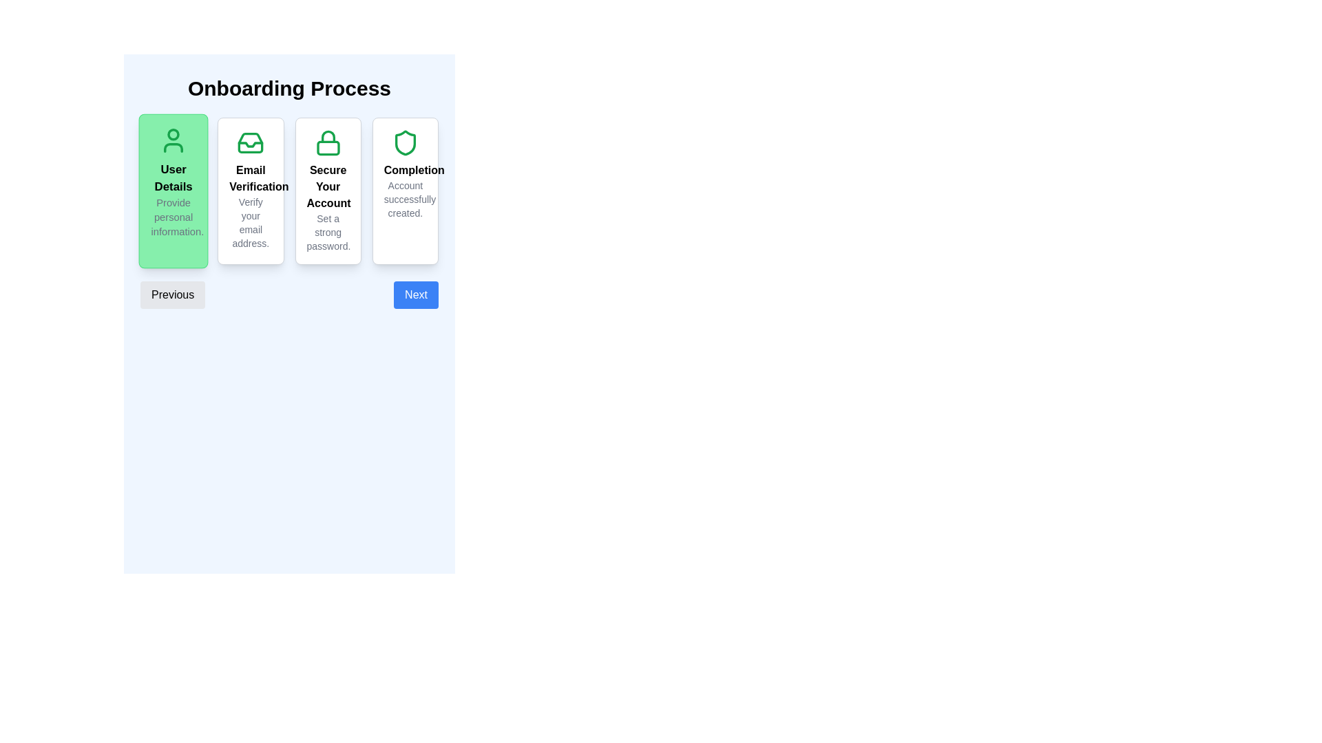 The image size is (1322, 743). I want to click on the informational text label that prompts the user to verify their email address, located beneath the 'Email Verification' text within the card, so click(251, 222).